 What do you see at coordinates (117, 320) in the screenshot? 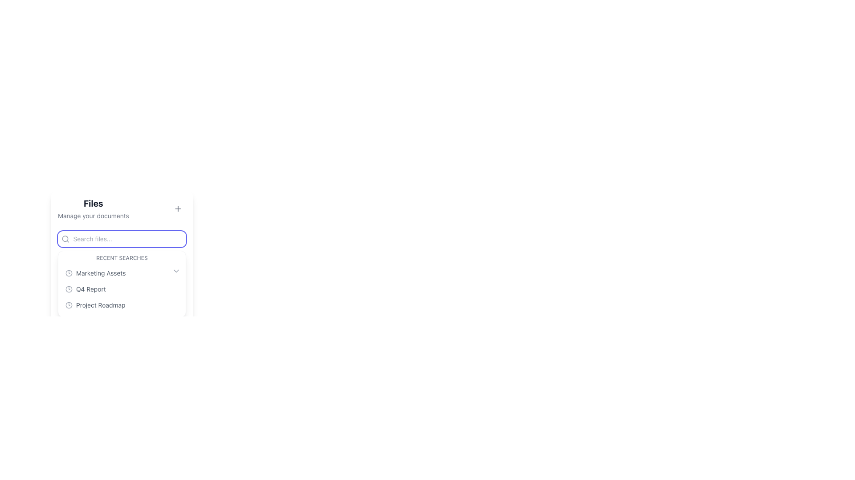
I see `the small, centered, circular bullet point (•) displayed in light gray color, which is located between '2.4 MB' and '2h ago' in the recent searches section` at bounding box center [117, 320].